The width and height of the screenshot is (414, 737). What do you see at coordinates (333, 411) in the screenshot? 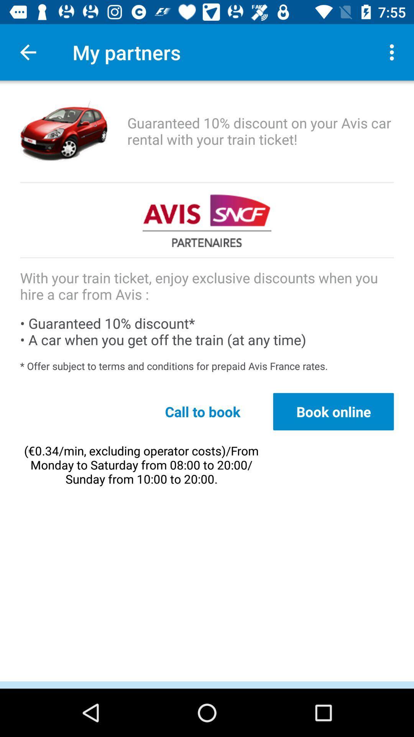
I see `book online icon` at bounding box center [333, 411].